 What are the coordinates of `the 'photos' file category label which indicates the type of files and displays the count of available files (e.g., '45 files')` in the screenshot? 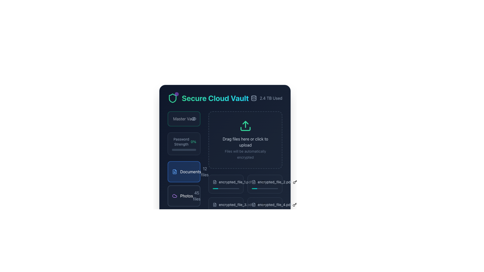 It's located at (182, 196).